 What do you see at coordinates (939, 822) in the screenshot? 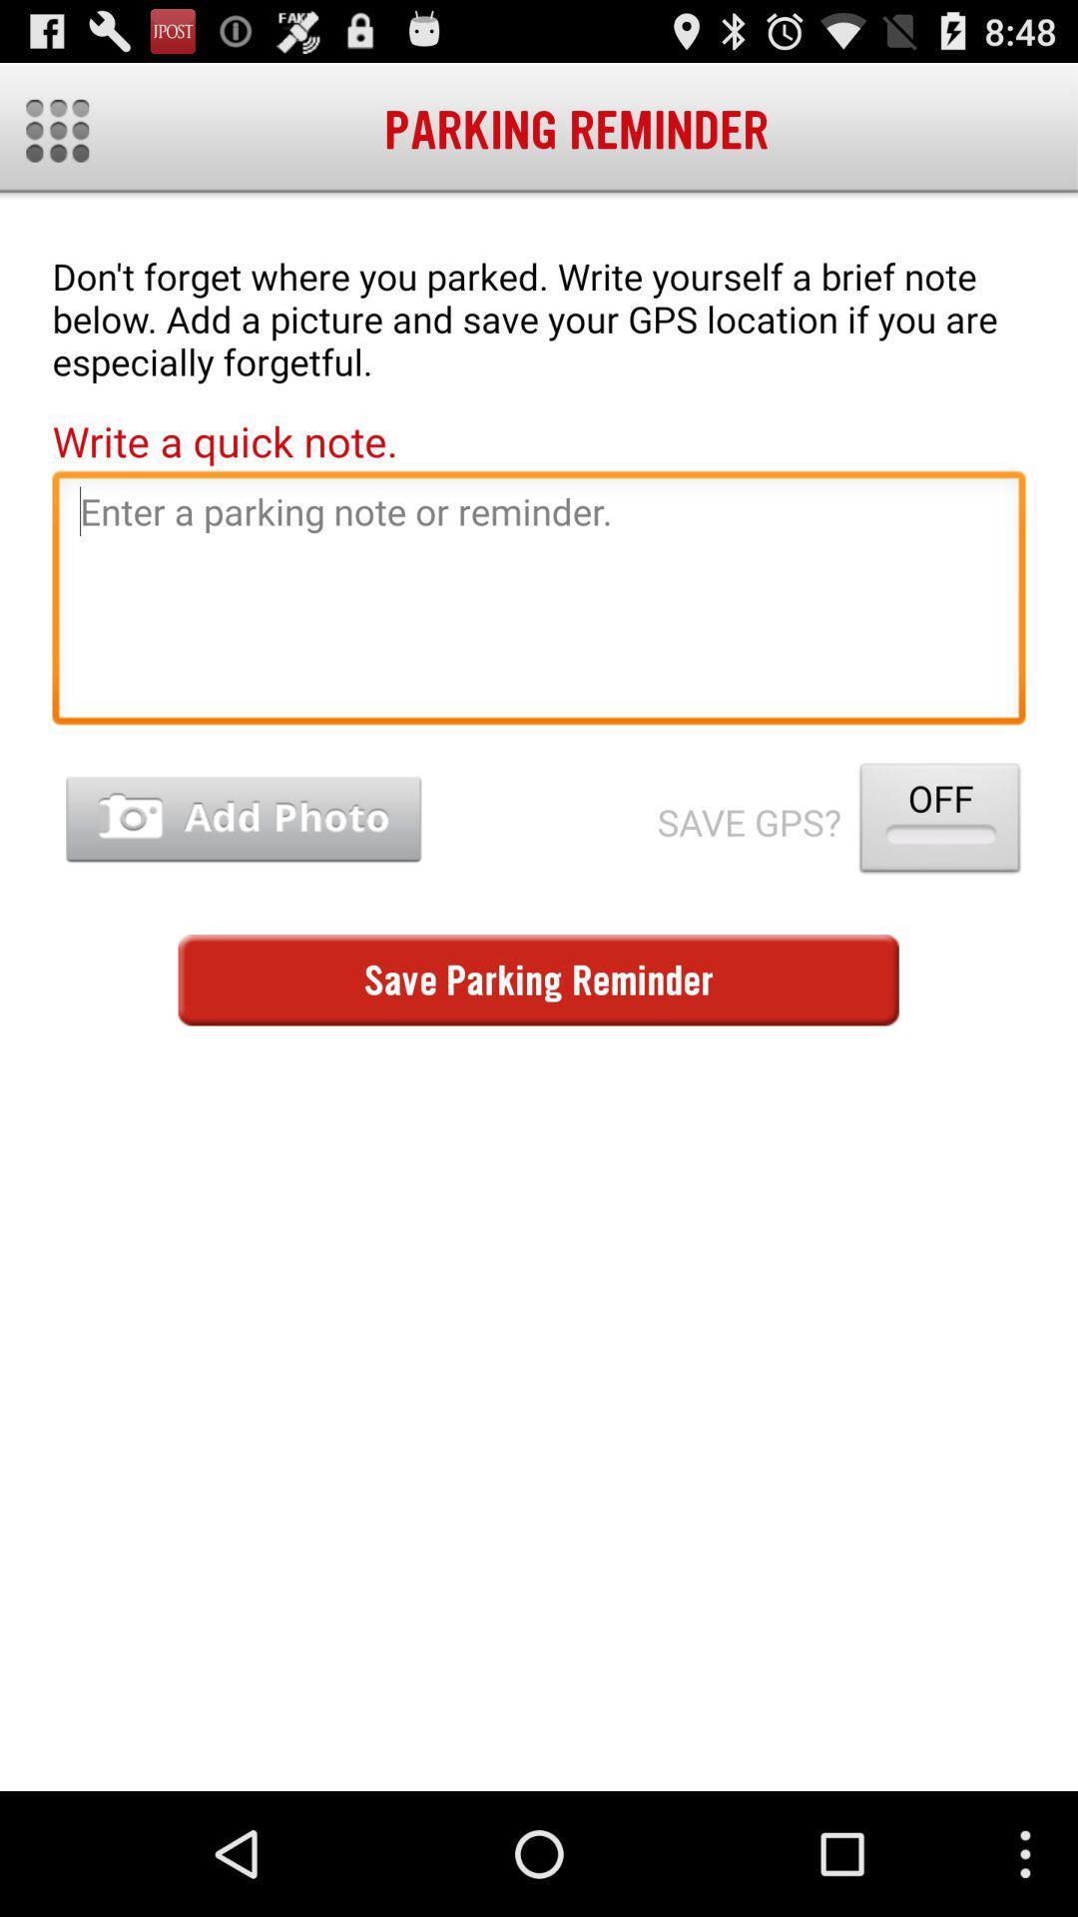
I see `the off icon` at bounding box center [939, 822].